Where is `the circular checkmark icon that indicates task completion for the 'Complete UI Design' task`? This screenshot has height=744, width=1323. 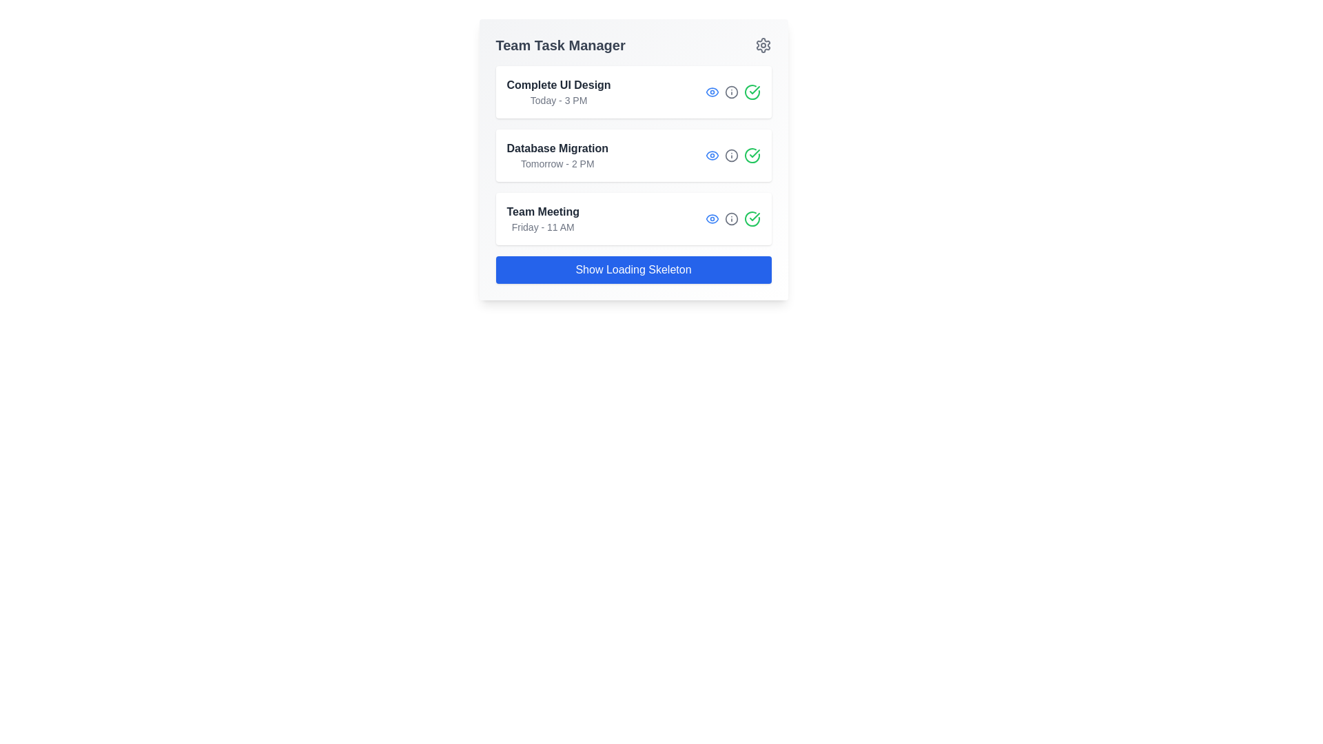
the circular checkmark icon that indicates task completion for the 'Complete UI Design' task is located at coordinates (751, 92).